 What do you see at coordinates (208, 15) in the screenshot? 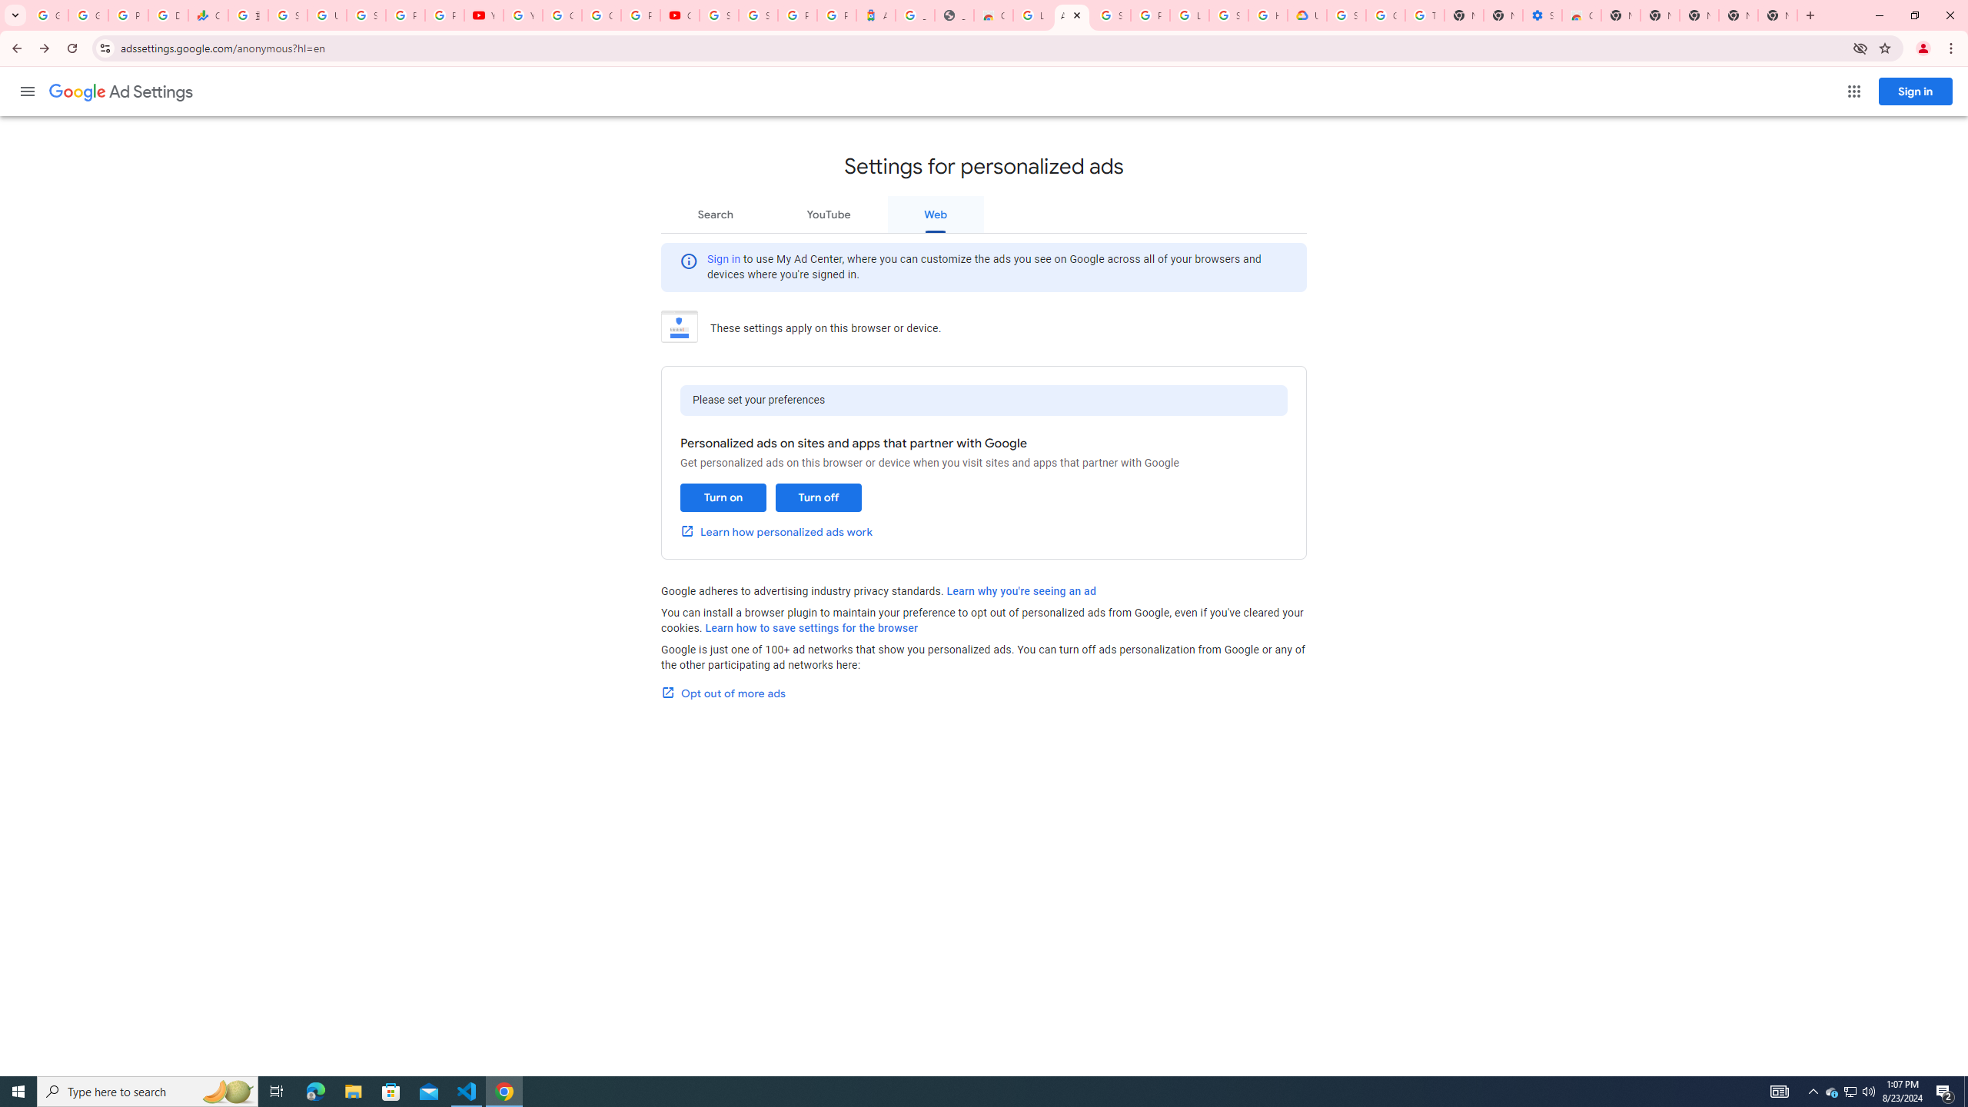
I see `'Currencies - Google Finance'` at bounding box center [208, 15].